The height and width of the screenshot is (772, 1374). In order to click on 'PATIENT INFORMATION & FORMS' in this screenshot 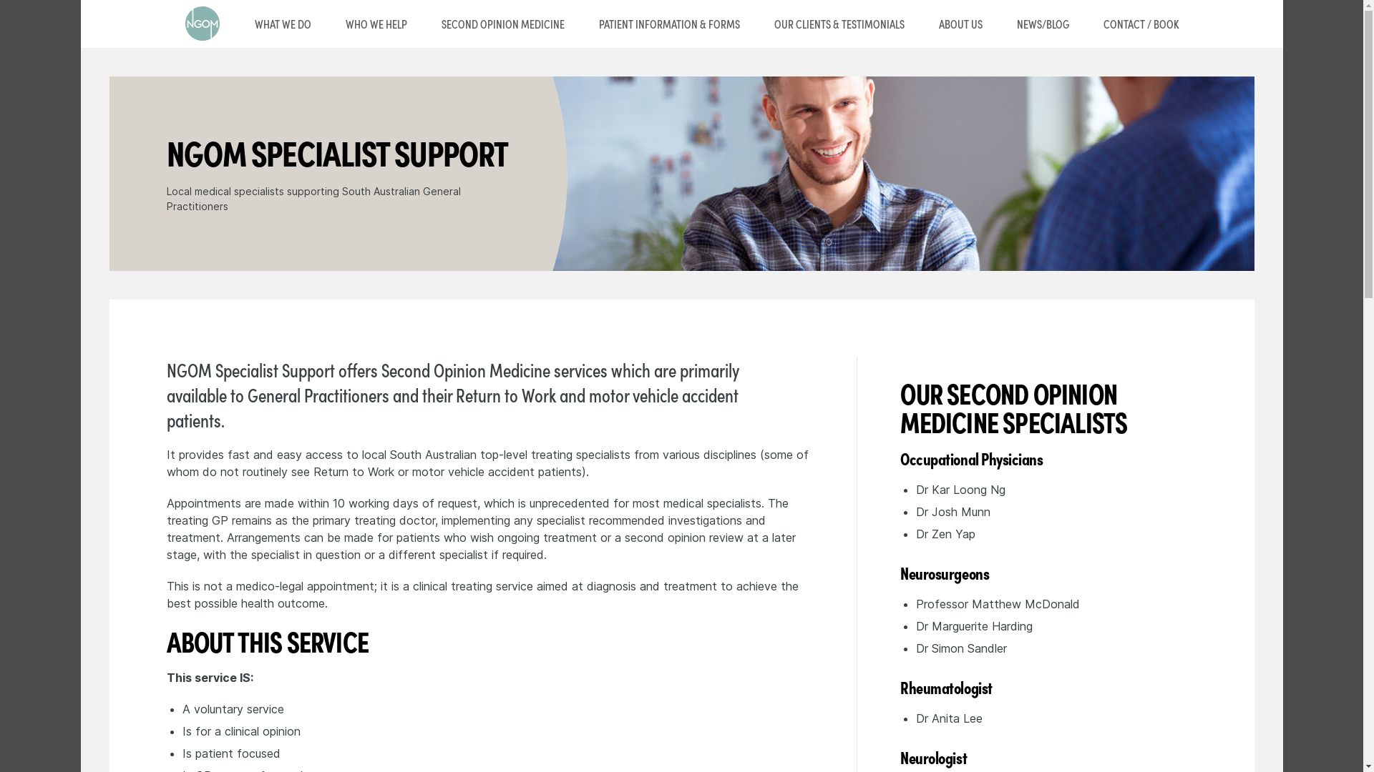, I will do `click(580, 24)`.